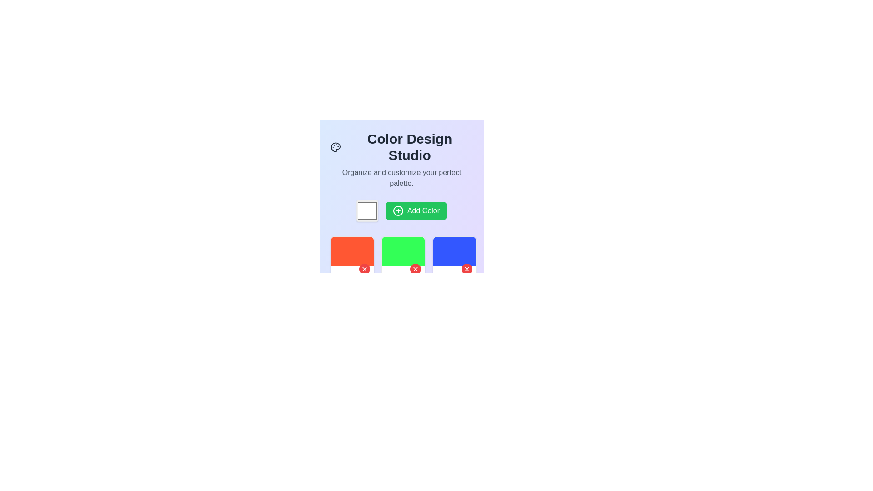 The image size is (873, 491). What do you see at coordinates (364, 268) in the screenshot?
I see `the close or delete icon located within the circular button at the bottom-right corner of the first red tile` at bounding box center [364, 268].